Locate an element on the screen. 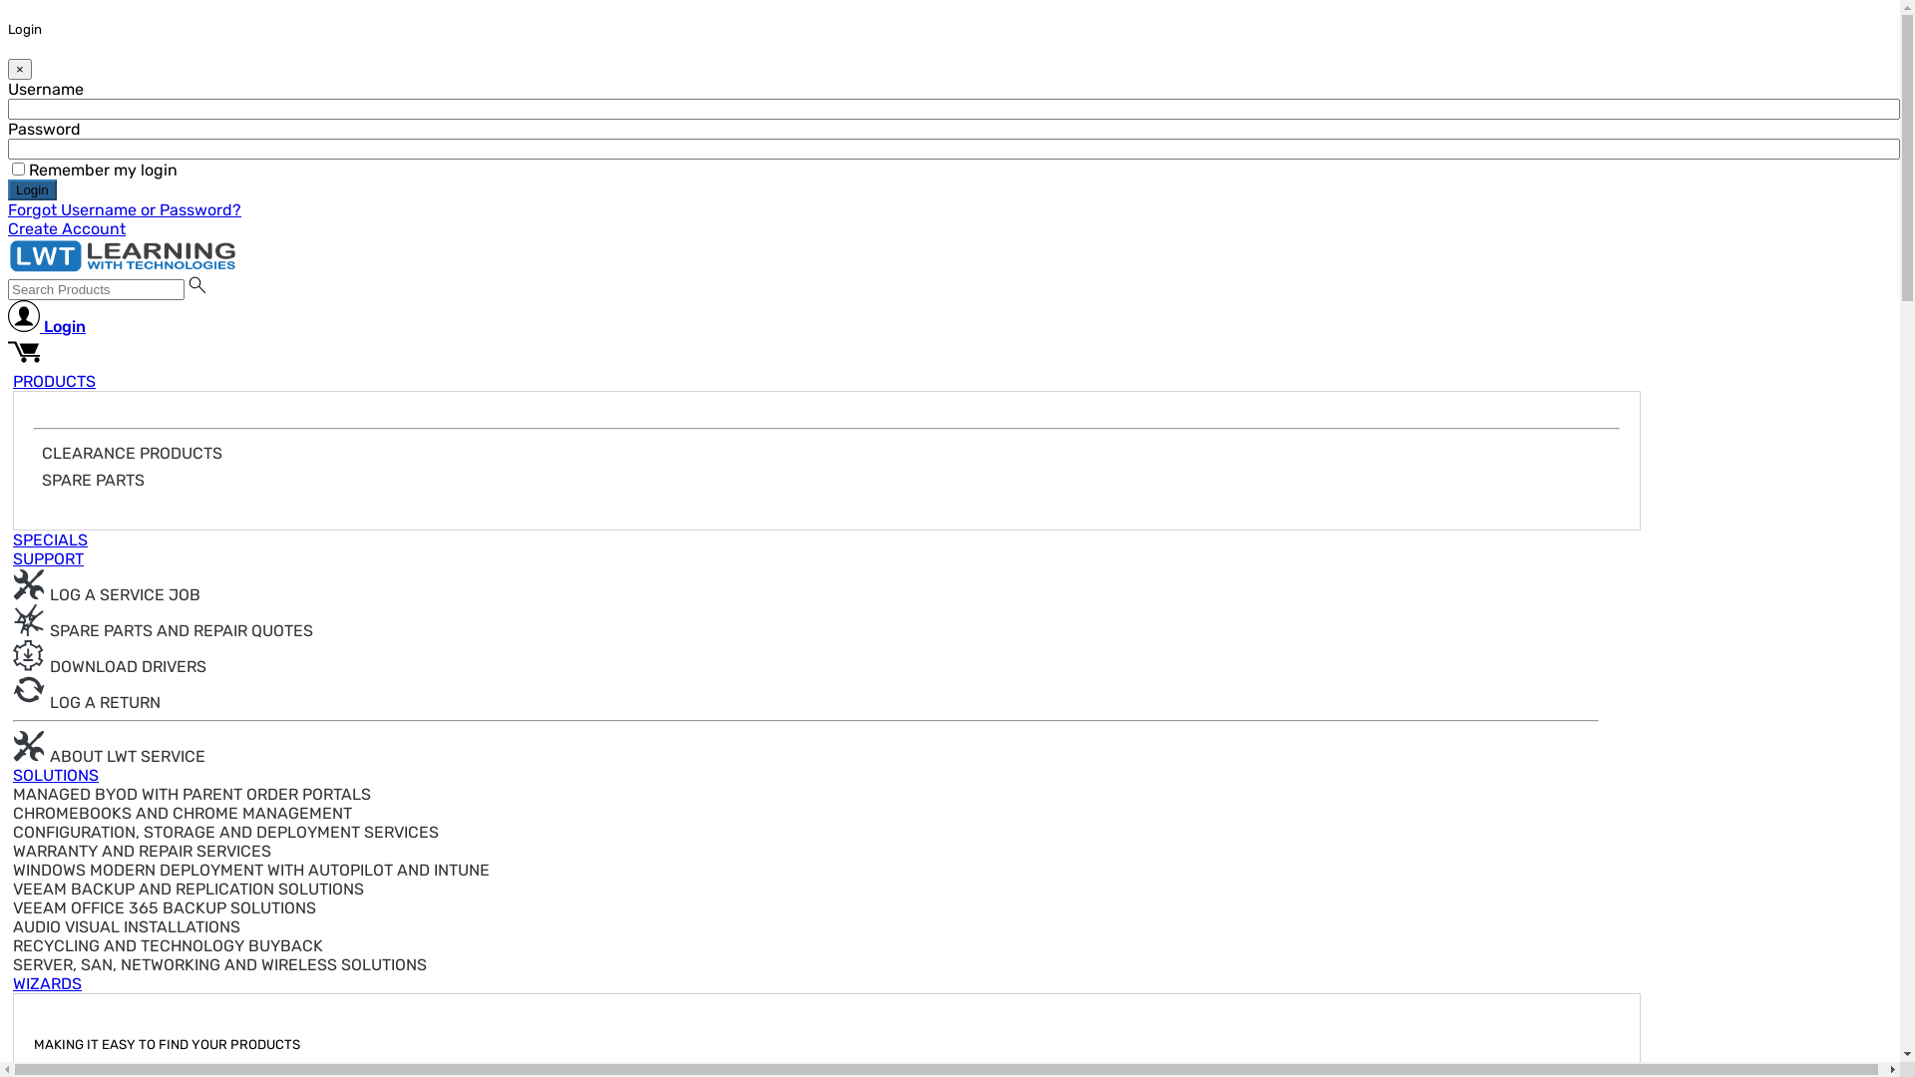 The width and height of the screenshot is (1915, 1077). 'DOWNLOAD DRIVERS' is located at coordinates (109, 666).